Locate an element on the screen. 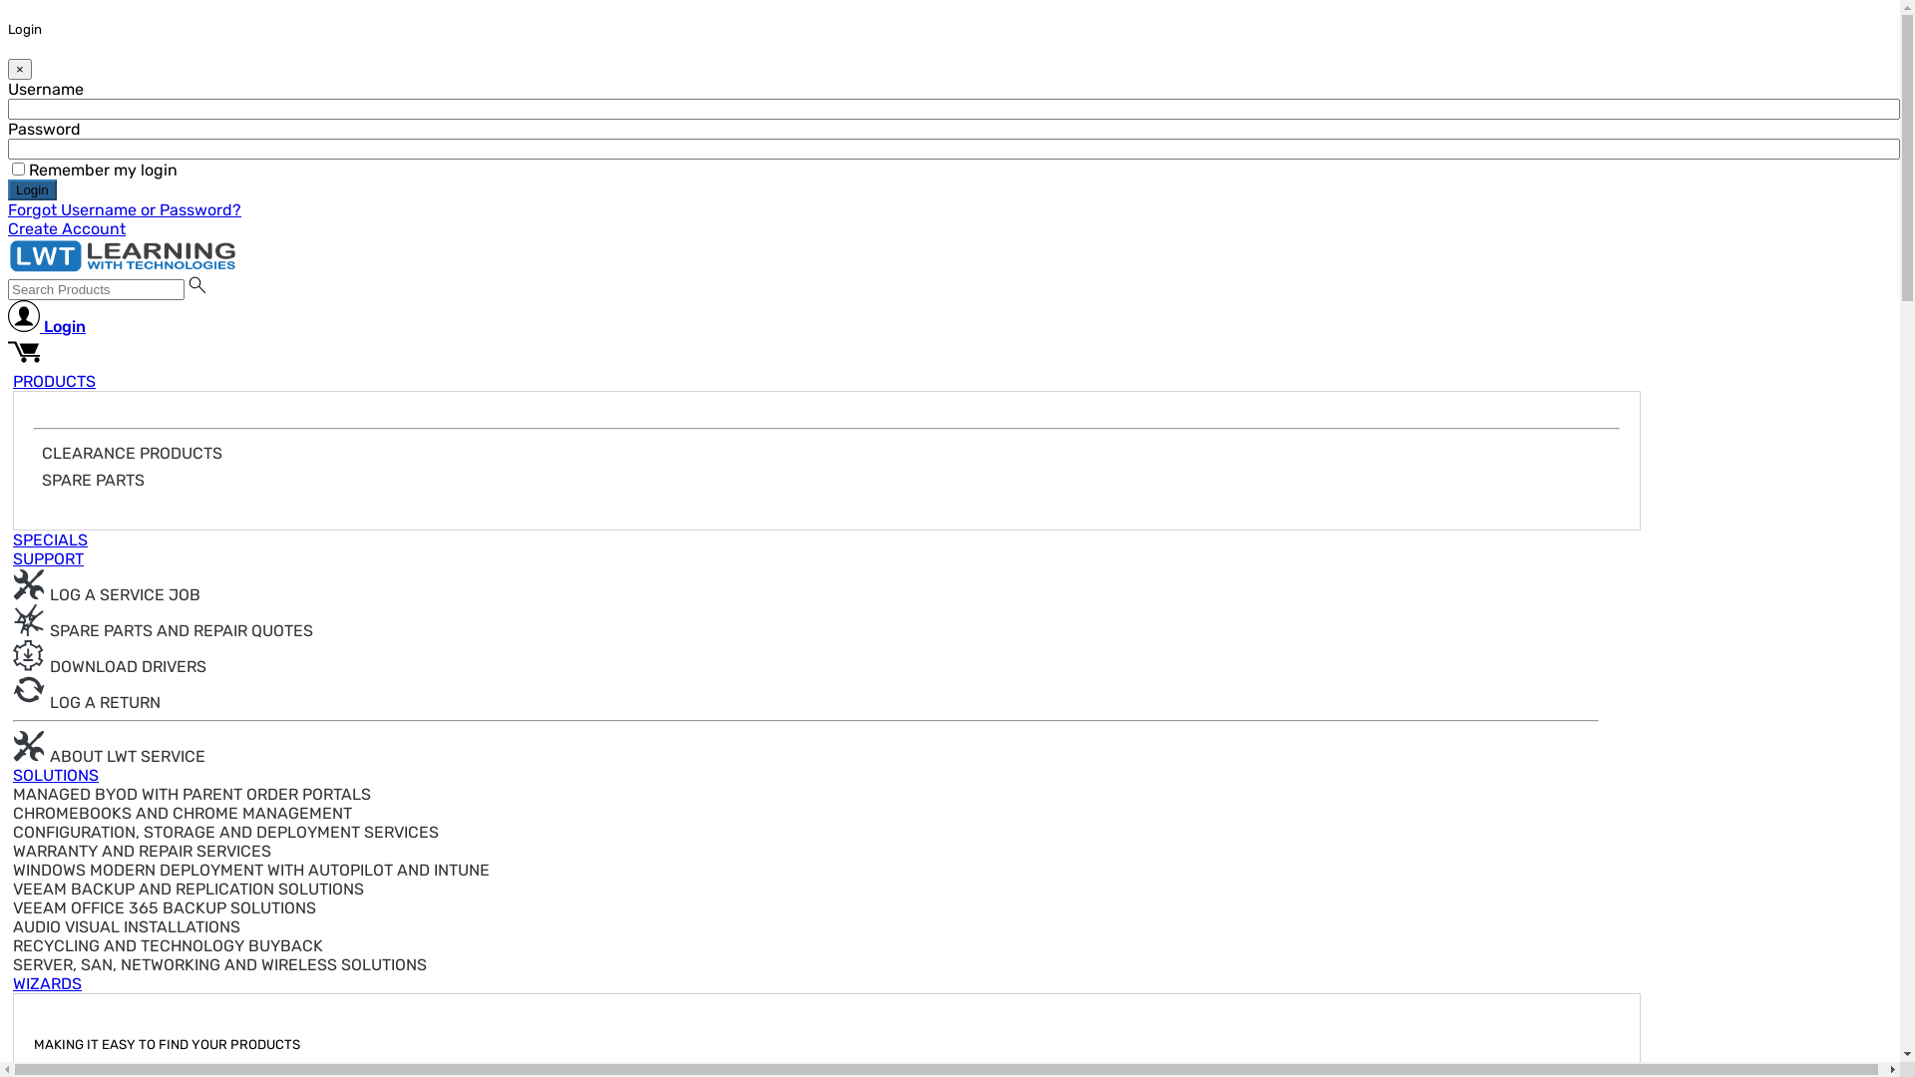 The width and height of the screenshot is (1915, 1077). 'DOWNLOAD DRIVERS' is located at coordinates (109, 666).